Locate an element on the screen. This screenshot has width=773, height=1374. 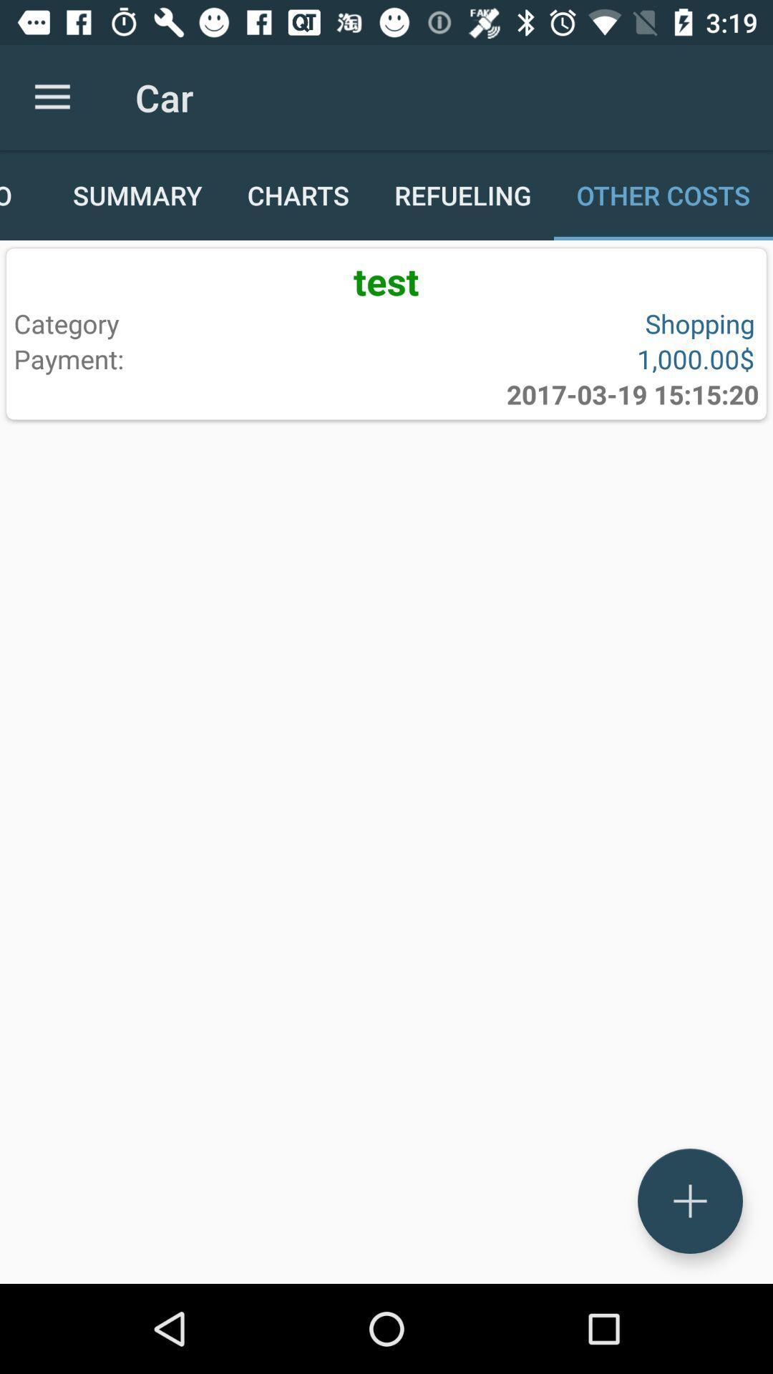
icon next to car icon is located at coordinates (52, 97).